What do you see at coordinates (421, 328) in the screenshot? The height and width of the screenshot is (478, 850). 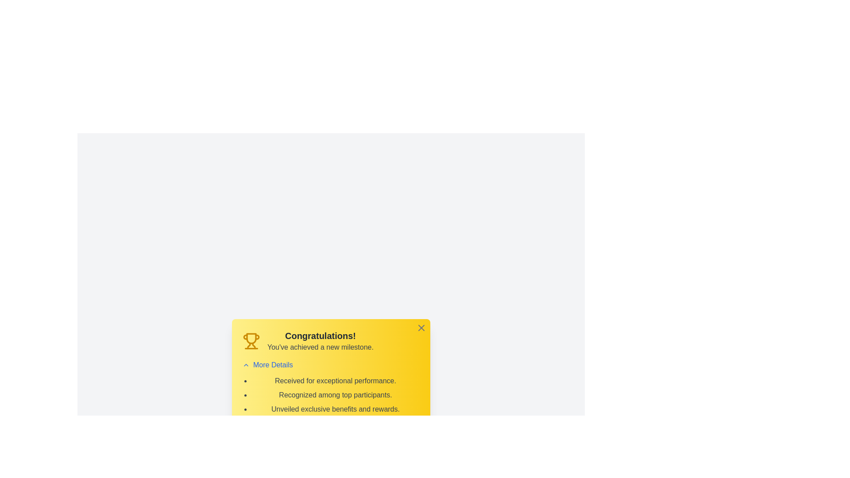 I see `the close button to hide the alert` at bounding box center [421, 328].